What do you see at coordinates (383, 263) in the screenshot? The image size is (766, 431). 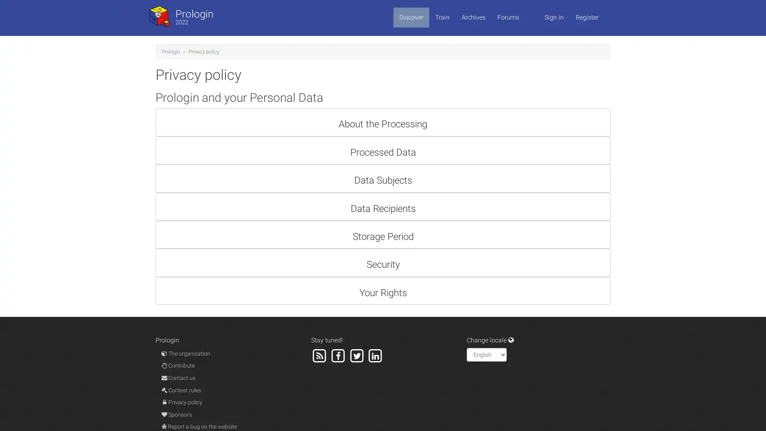 I see `Security` at bounding box center [383, 263].